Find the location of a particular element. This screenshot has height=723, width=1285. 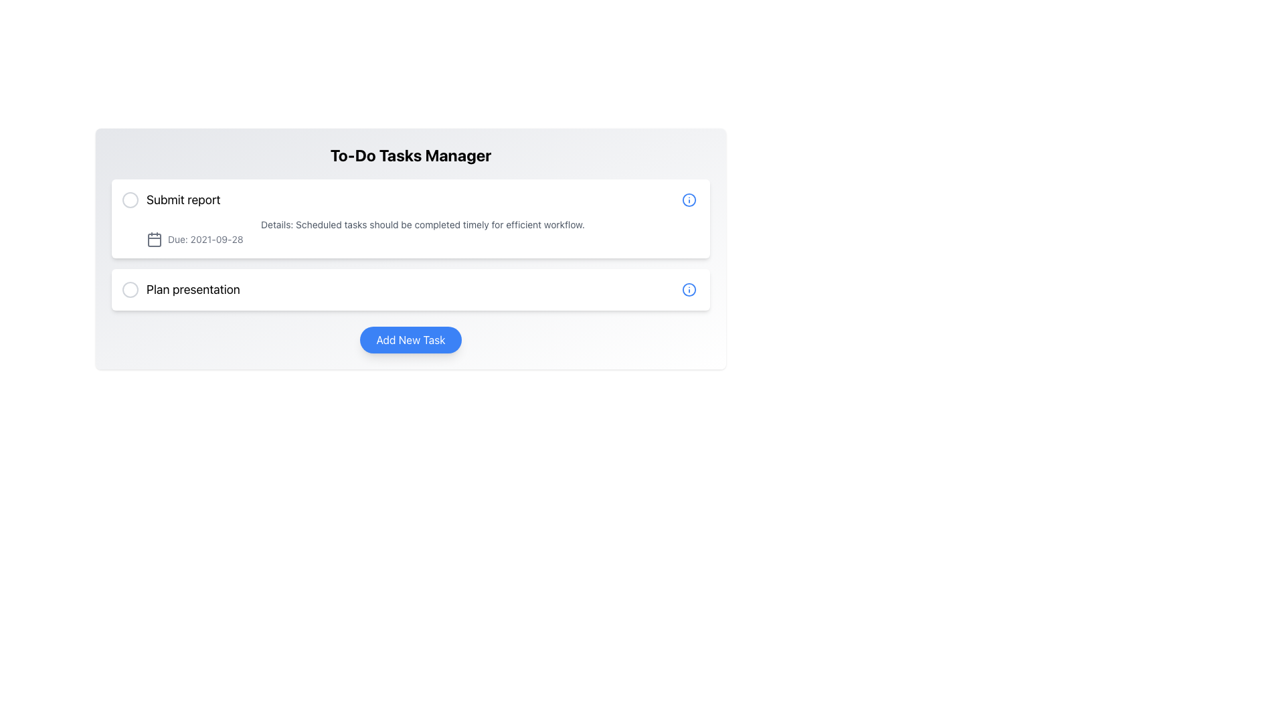

the text label that serves as the title for the associated task, located in the top-left section of the interface, within the first task card, to the right of a circular checkbox control is located at coordinates (183, 200).